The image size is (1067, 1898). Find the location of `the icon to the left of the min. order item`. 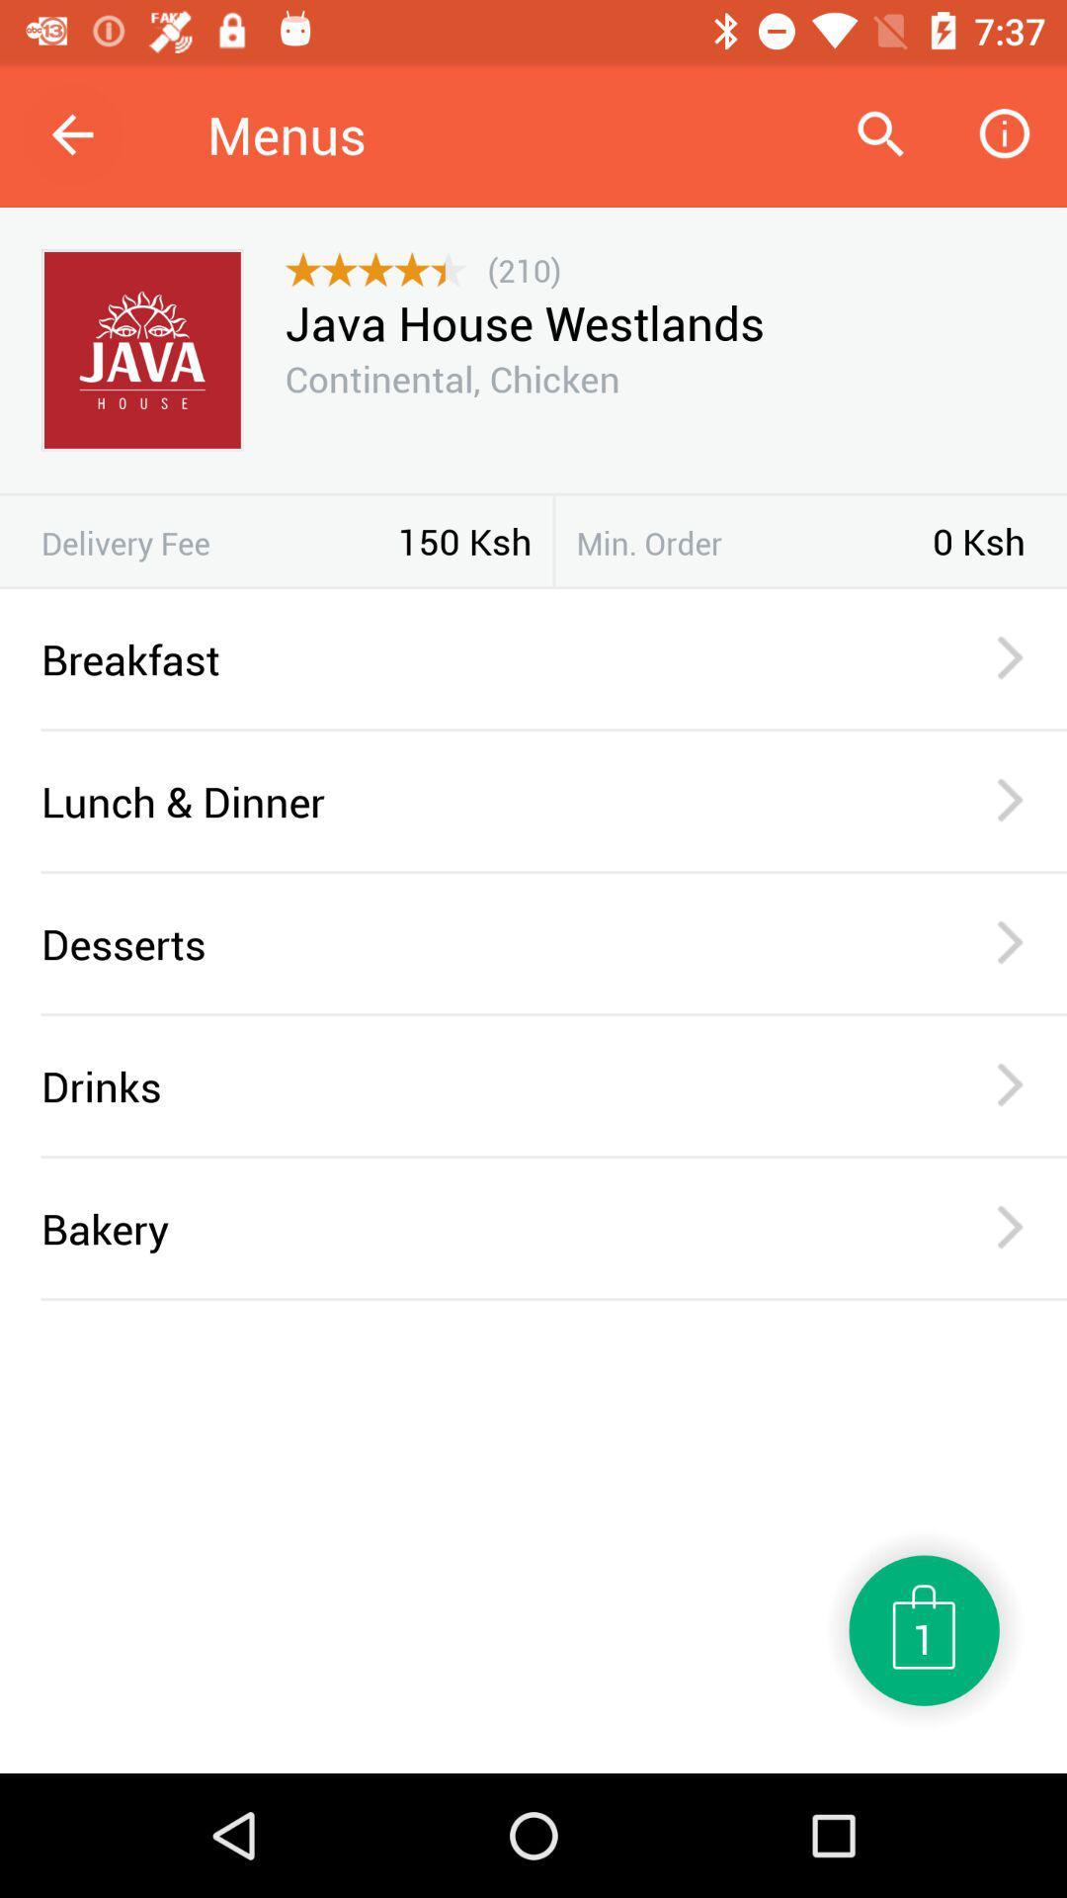

the icon to the left of the min. order item is located at coordinates (553, 541).